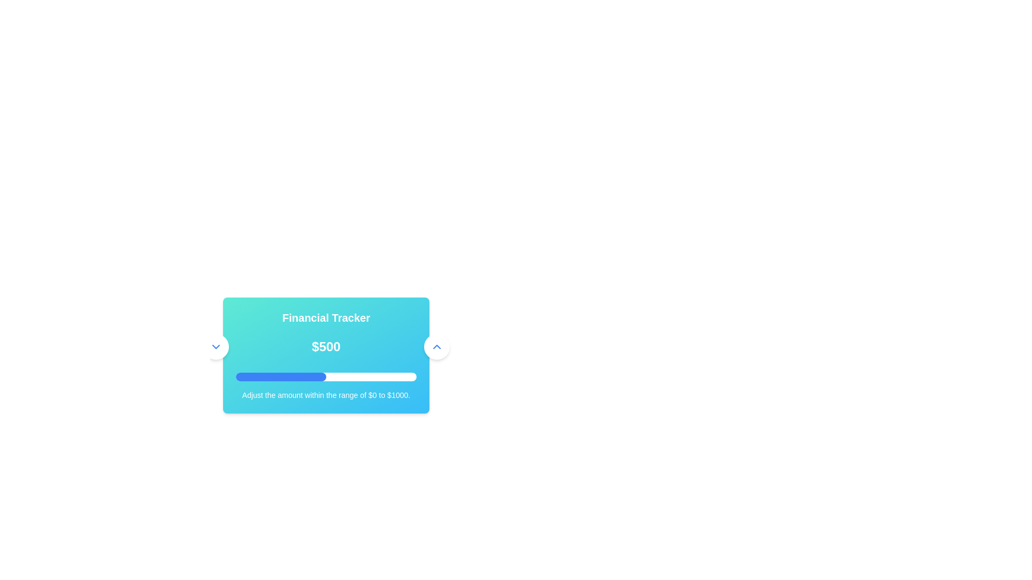  Describe the element at coordinates (387, 376) in the screenshot. I see `the slider` at that location.